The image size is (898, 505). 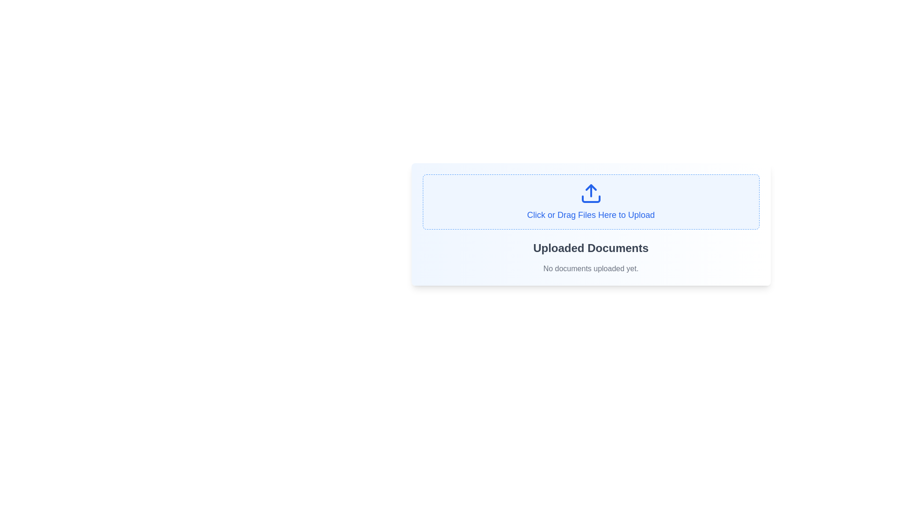 I want to click on the interactive upload area, which has a gradient background and contains the text 'Click or Drag Files Here to Upload' and an upload icon, so click(x=590, y=224).